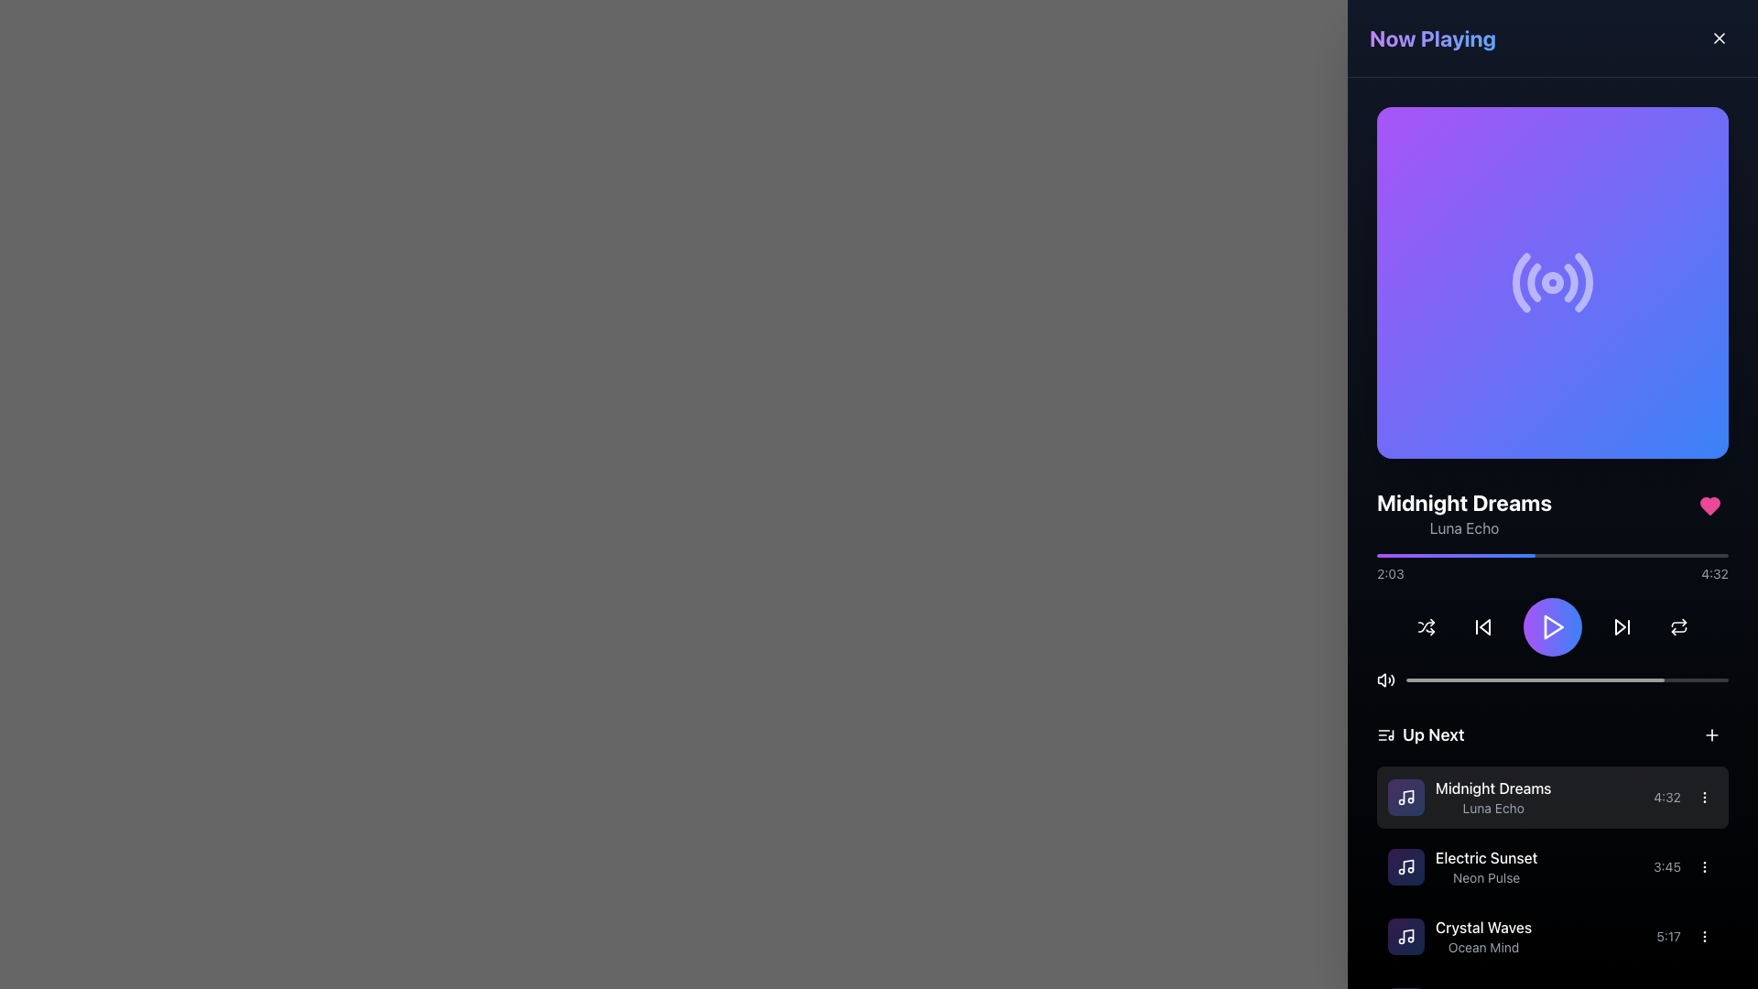 This screenshot has height=989, width=1758. Describe the element at coordinates (1426, 626) in the screenshot. I see `the shuffle mode button located at the first position in the control row of the media player` at that location.